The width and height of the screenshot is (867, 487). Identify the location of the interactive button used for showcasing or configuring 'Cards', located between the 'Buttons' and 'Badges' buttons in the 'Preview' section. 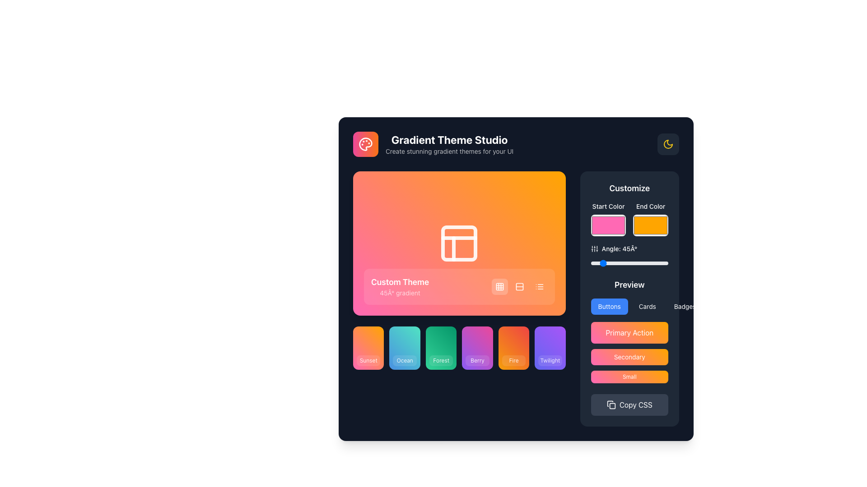
(647, 306).